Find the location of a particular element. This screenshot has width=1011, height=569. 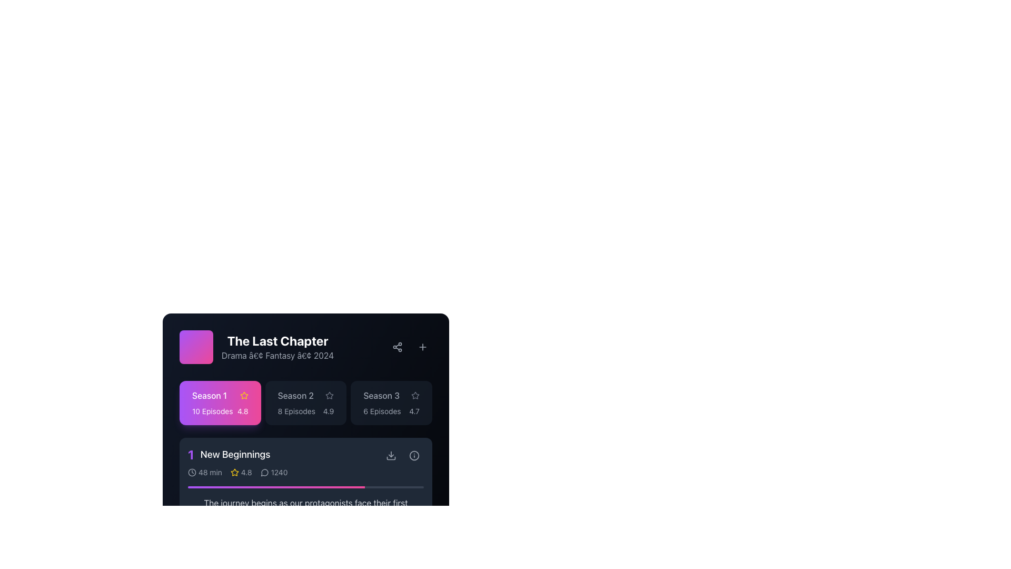

the Text label that provides content-related information for the episode, positioned under the 'New Beginnings' title is located at coordinates (305, 509).